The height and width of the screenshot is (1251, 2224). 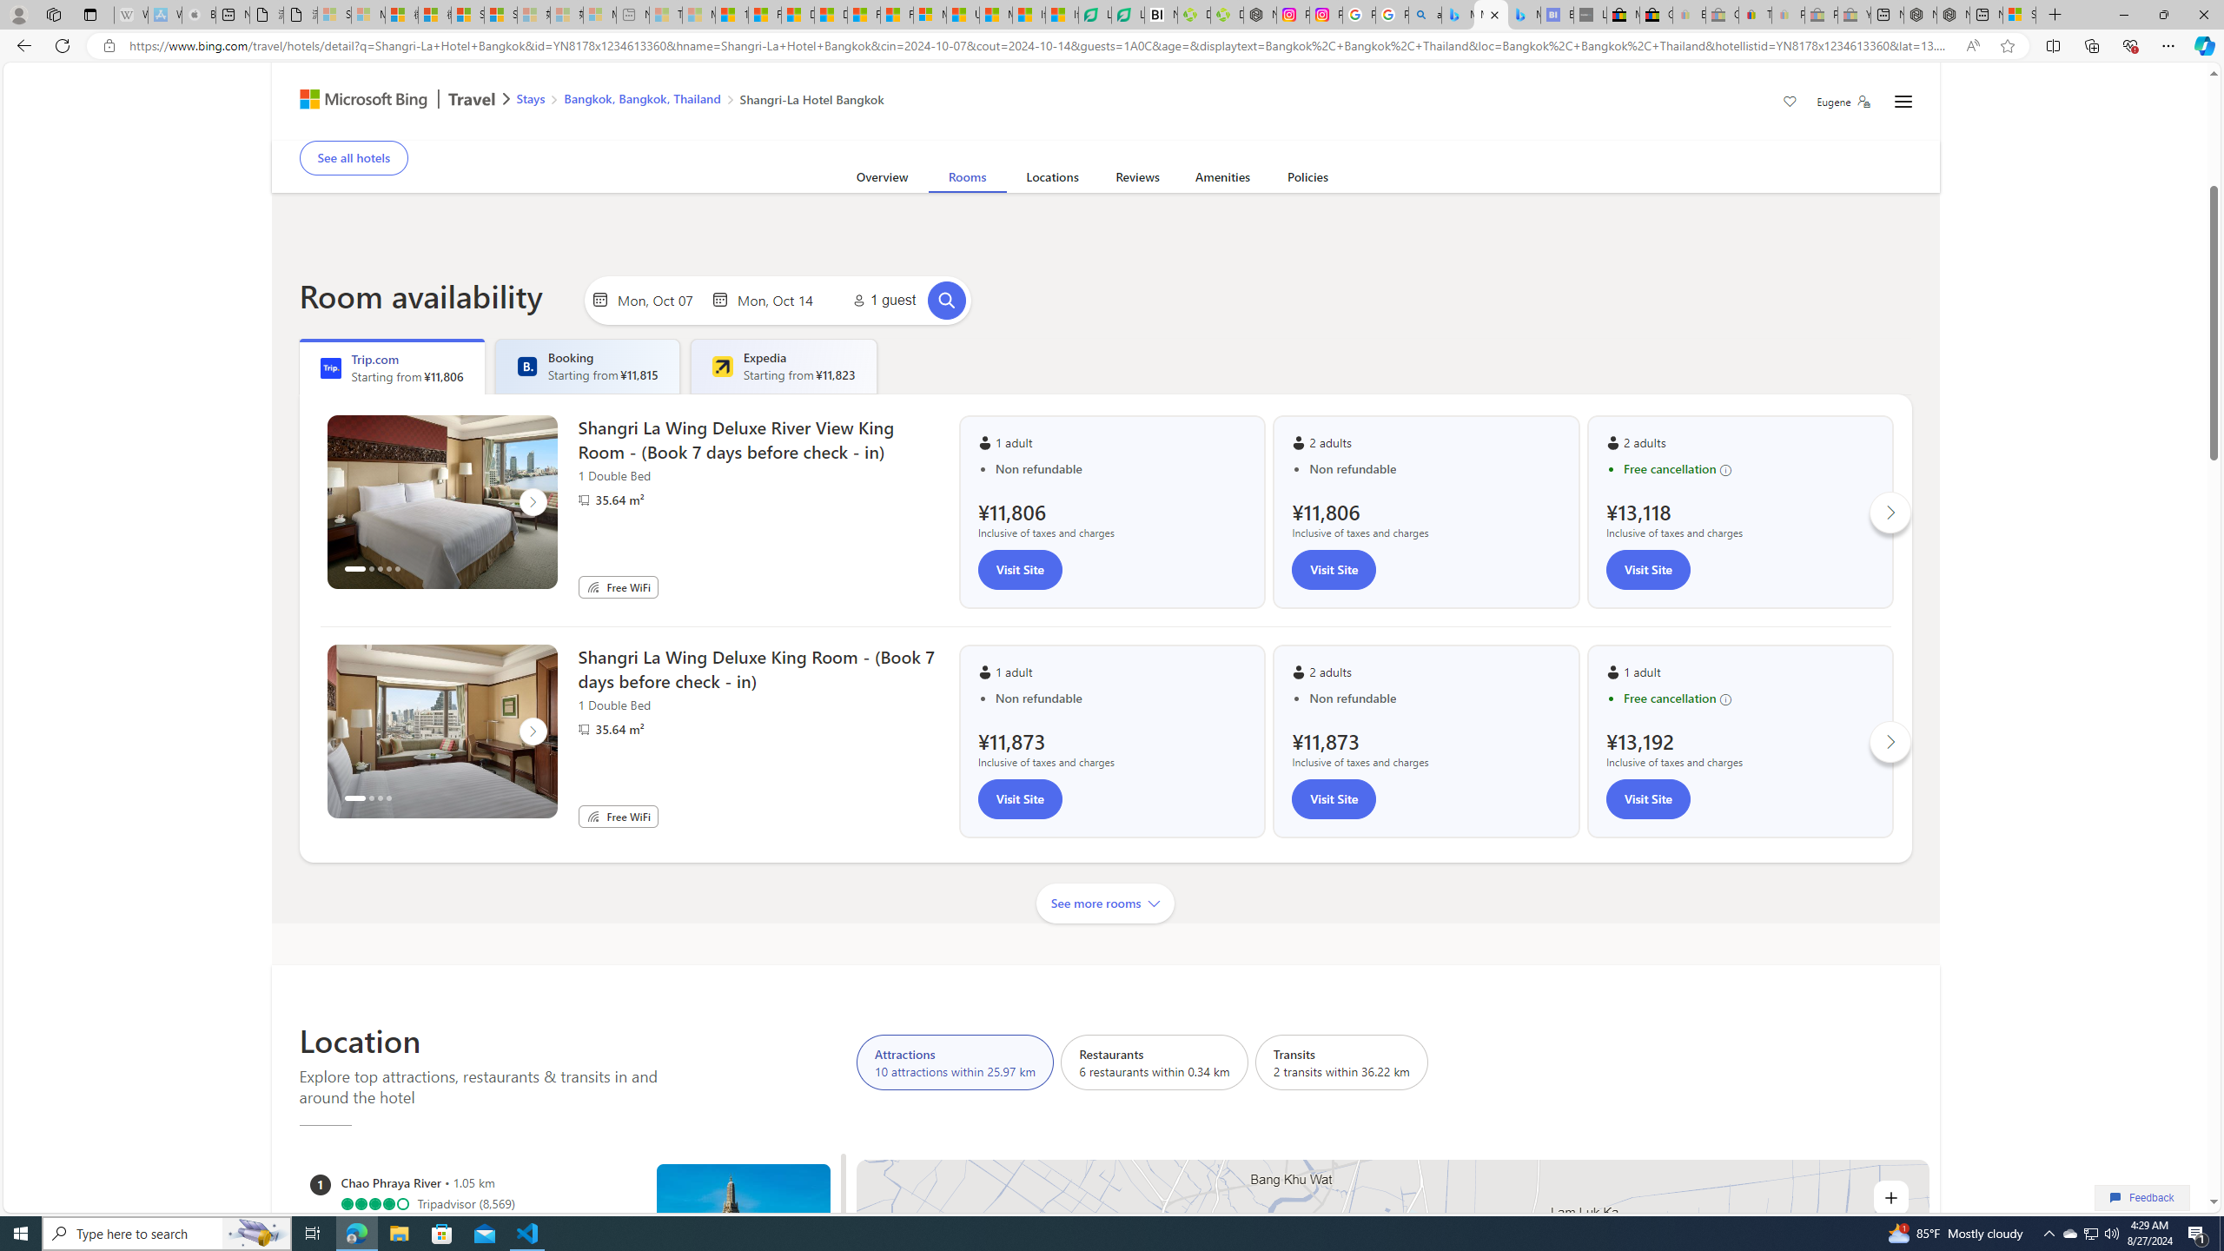 What do you see at coordinates (354, 100) in the screenshot?
I see `'Microsoft Bing'` at bounding box center [354, 100].